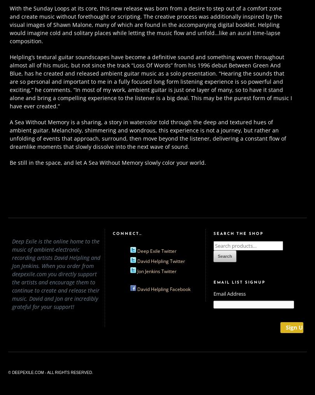 This screenshot has width=315, height=395. I want to click on 'Search', so click(225, 256).